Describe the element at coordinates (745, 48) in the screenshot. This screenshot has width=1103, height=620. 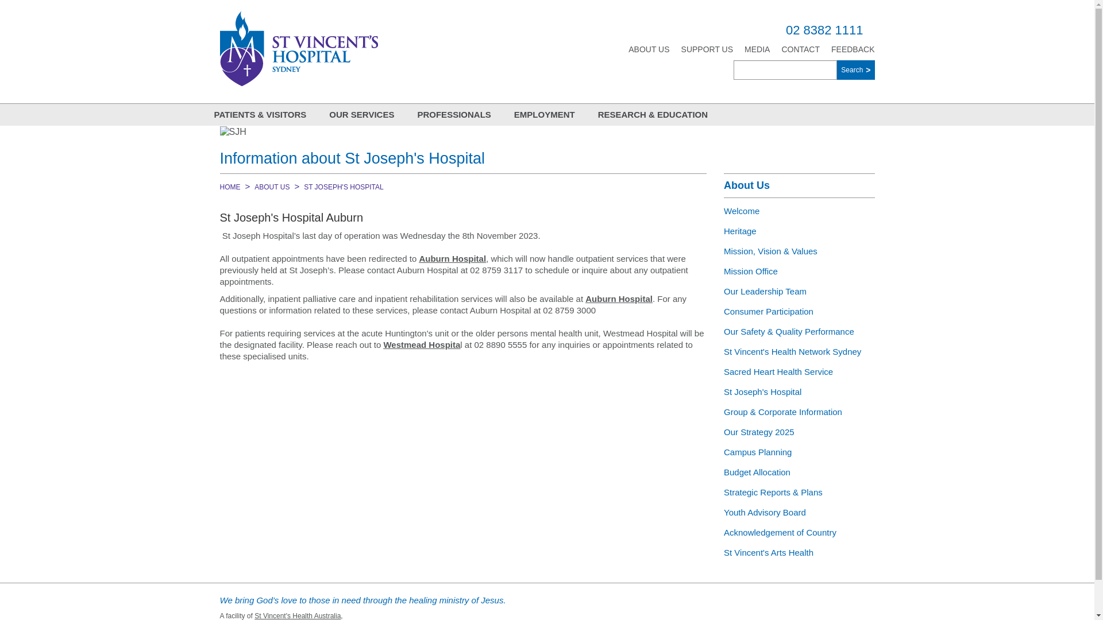
I see `'MEDIA'` at that location.